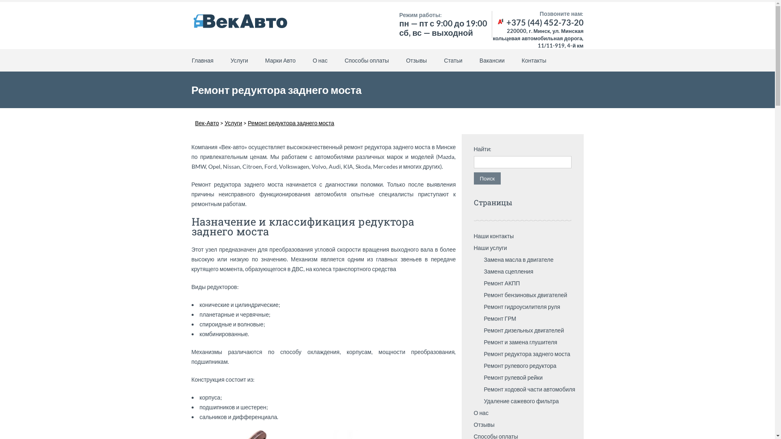 Image resolution: width=781 pixels, height=439 pixels. Describe the element at coordinates (540, 22) in the screenshot. I see `'+375 (44) 452-73-20'` at that location.